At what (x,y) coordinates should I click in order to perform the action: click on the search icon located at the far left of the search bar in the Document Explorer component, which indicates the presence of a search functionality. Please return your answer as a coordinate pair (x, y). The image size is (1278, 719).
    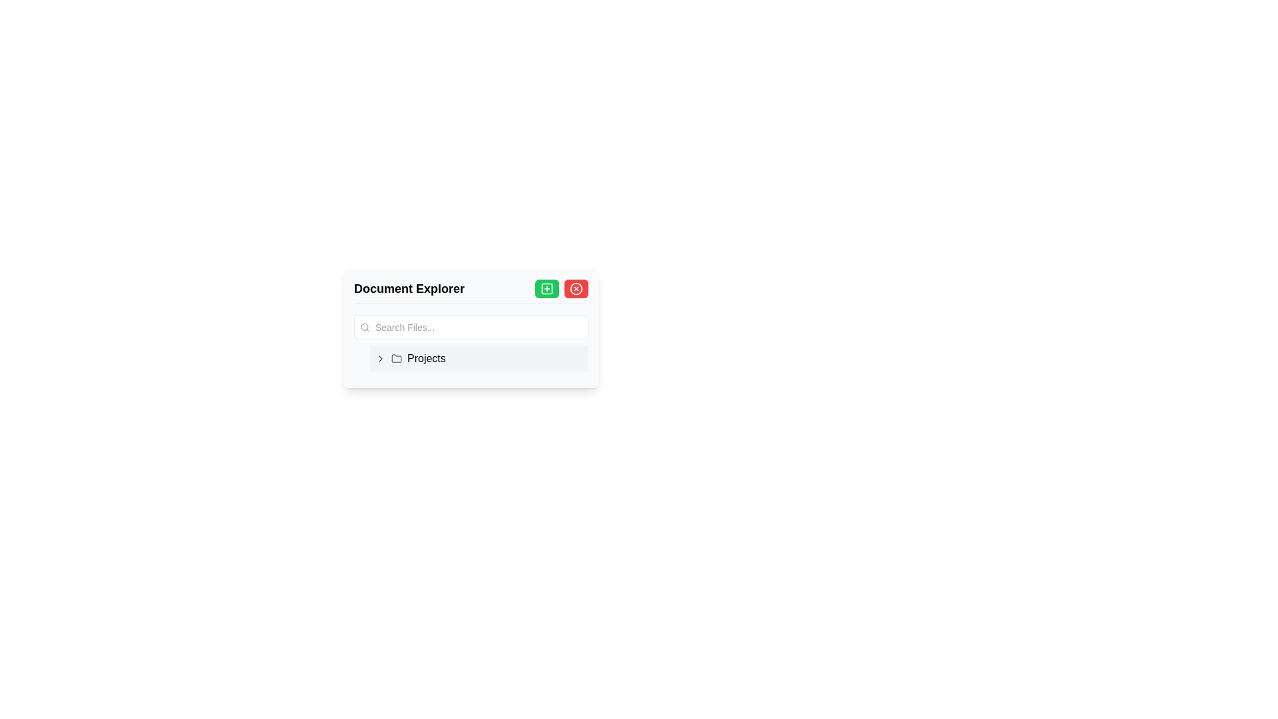
    Looking at the image, I should click on (365, 328).